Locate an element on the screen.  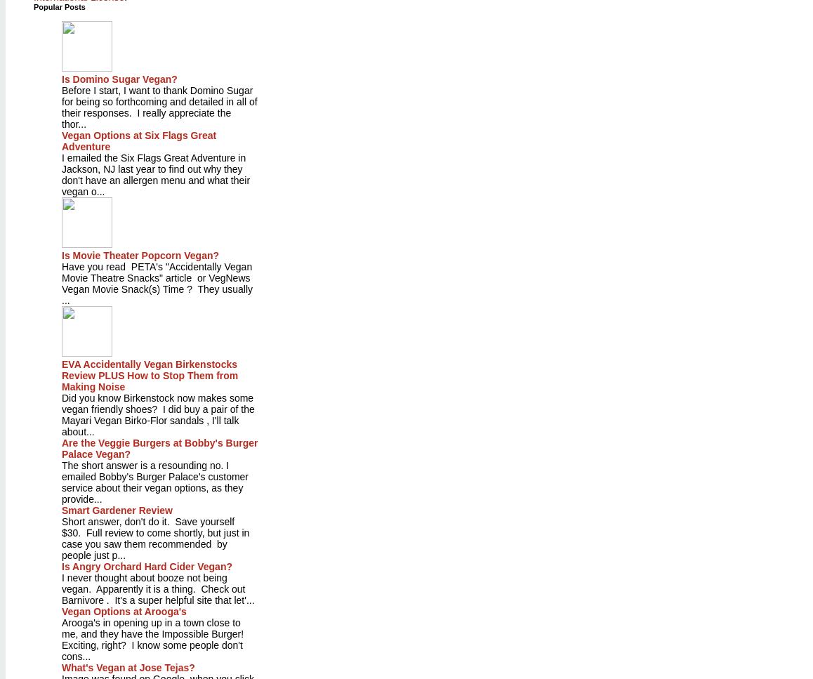
'Popular Posts' is located at coordinates (33, 6).